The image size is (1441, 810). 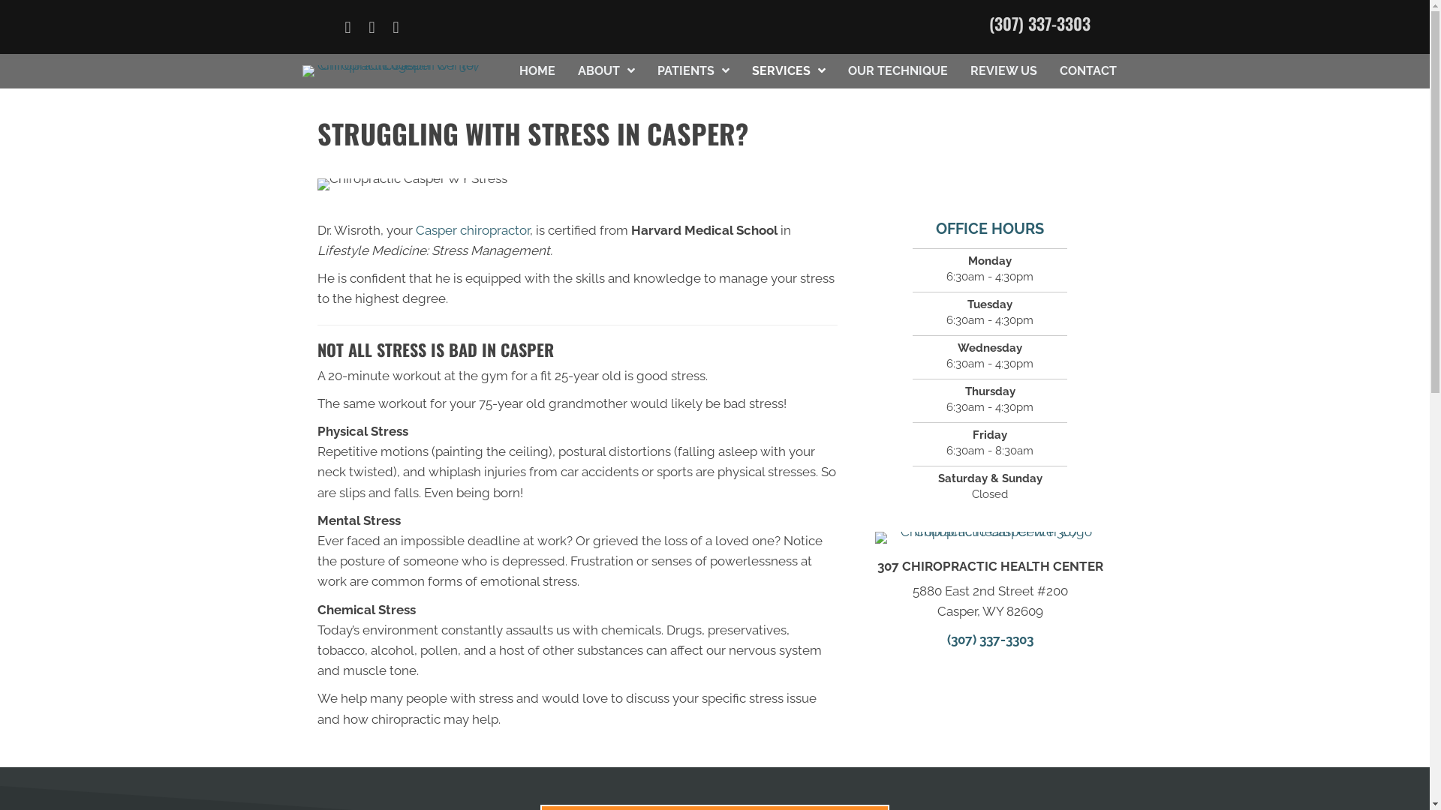 What do you see at coordinates (990, 537) in the screenshot?
I see `'Chiropractic Casper WY 307 Chiropractic Health Center Logo'` at bounding box center [990, 537].